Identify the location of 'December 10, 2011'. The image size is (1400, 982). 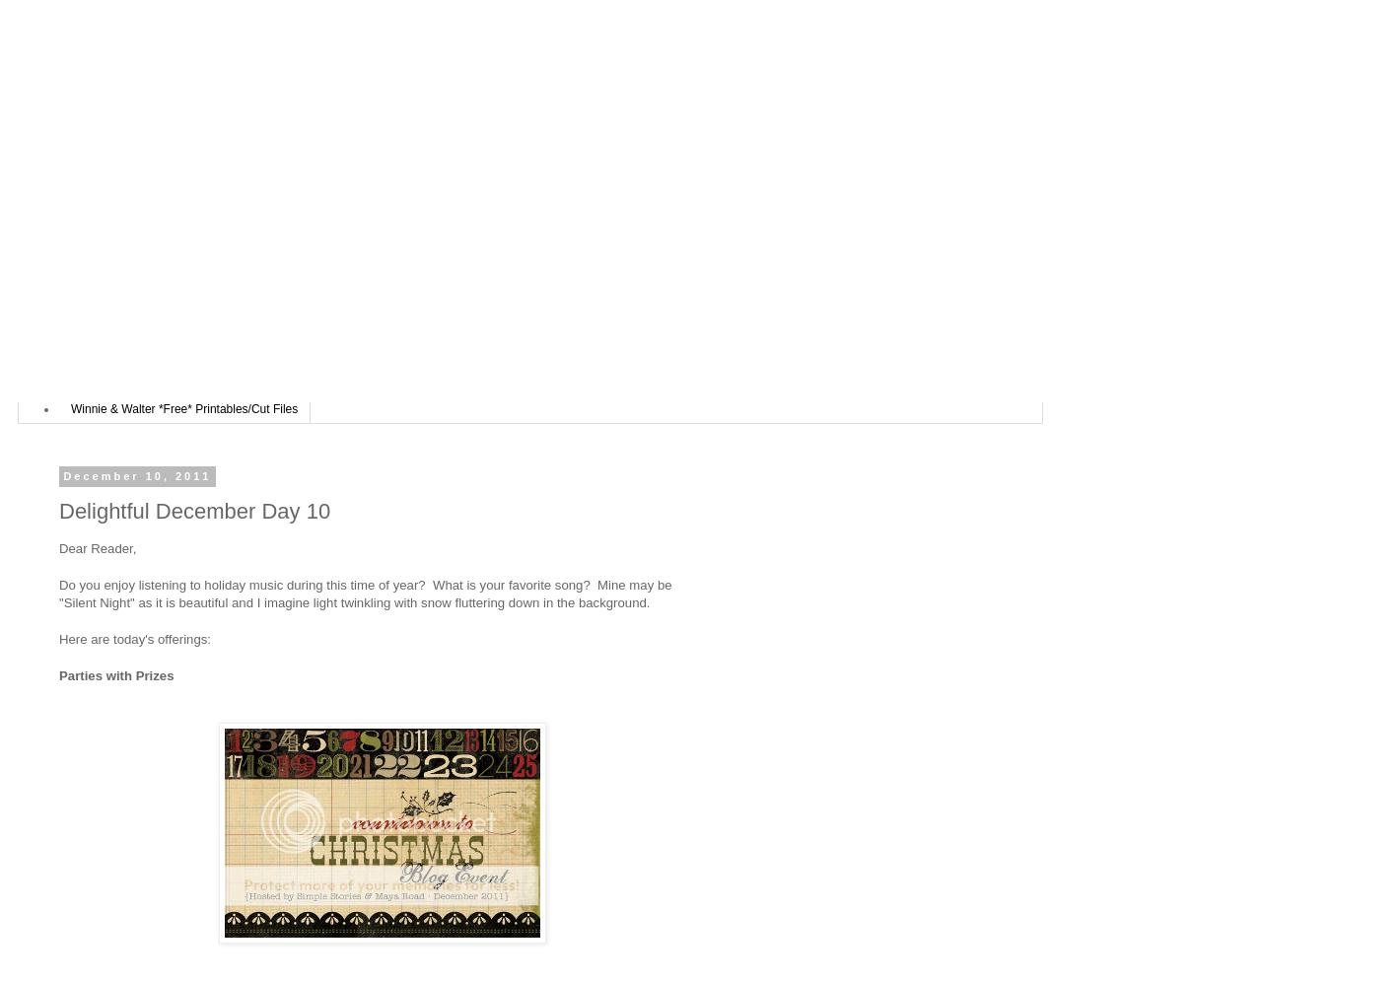
(136, 474).